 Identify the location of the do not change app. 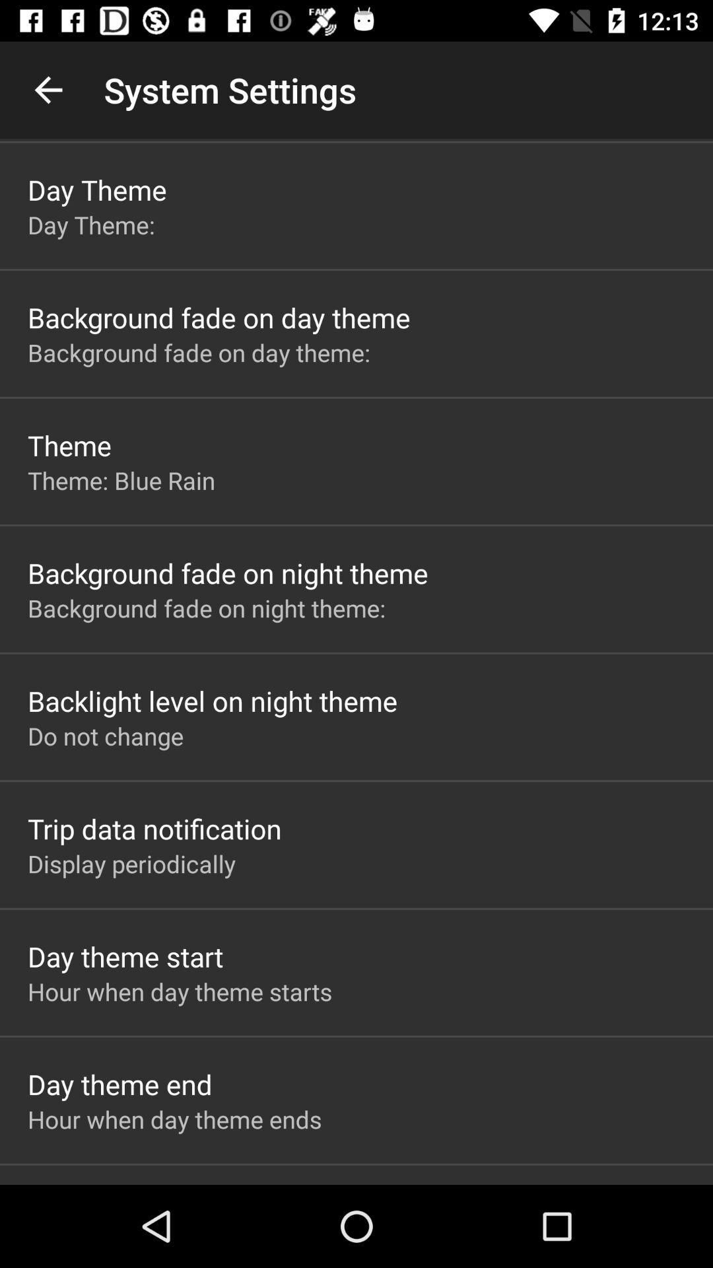
(105, 735).